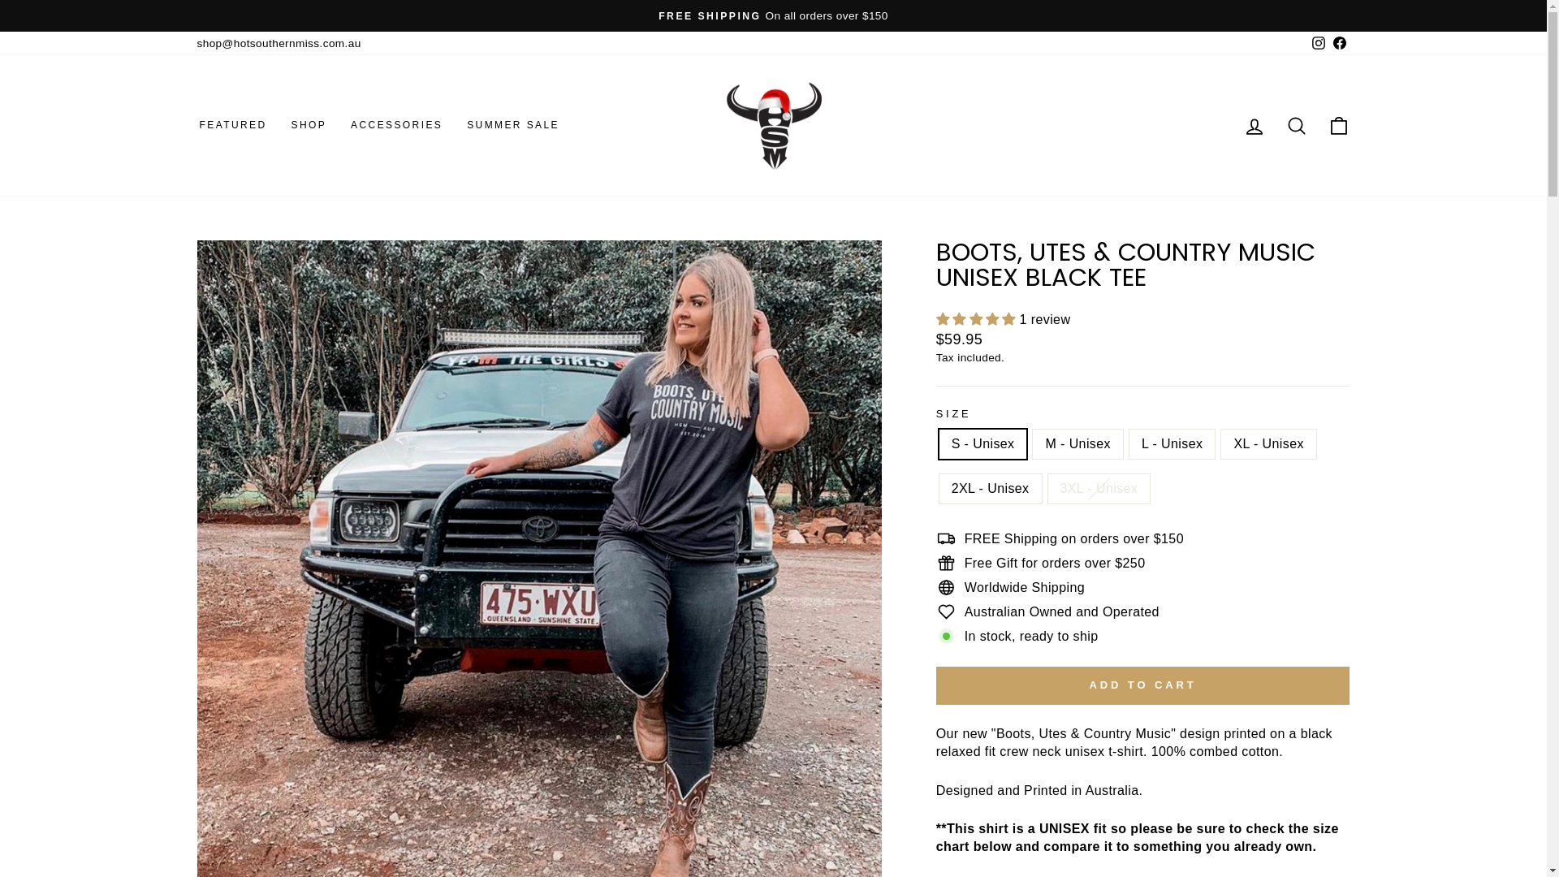 Image resolution: width=1559 pixels, height=877 pixels. What do you see at coordinates (308, 124) in the screenshot?
I see `'SHOP'` at bounding box center [308, 124].